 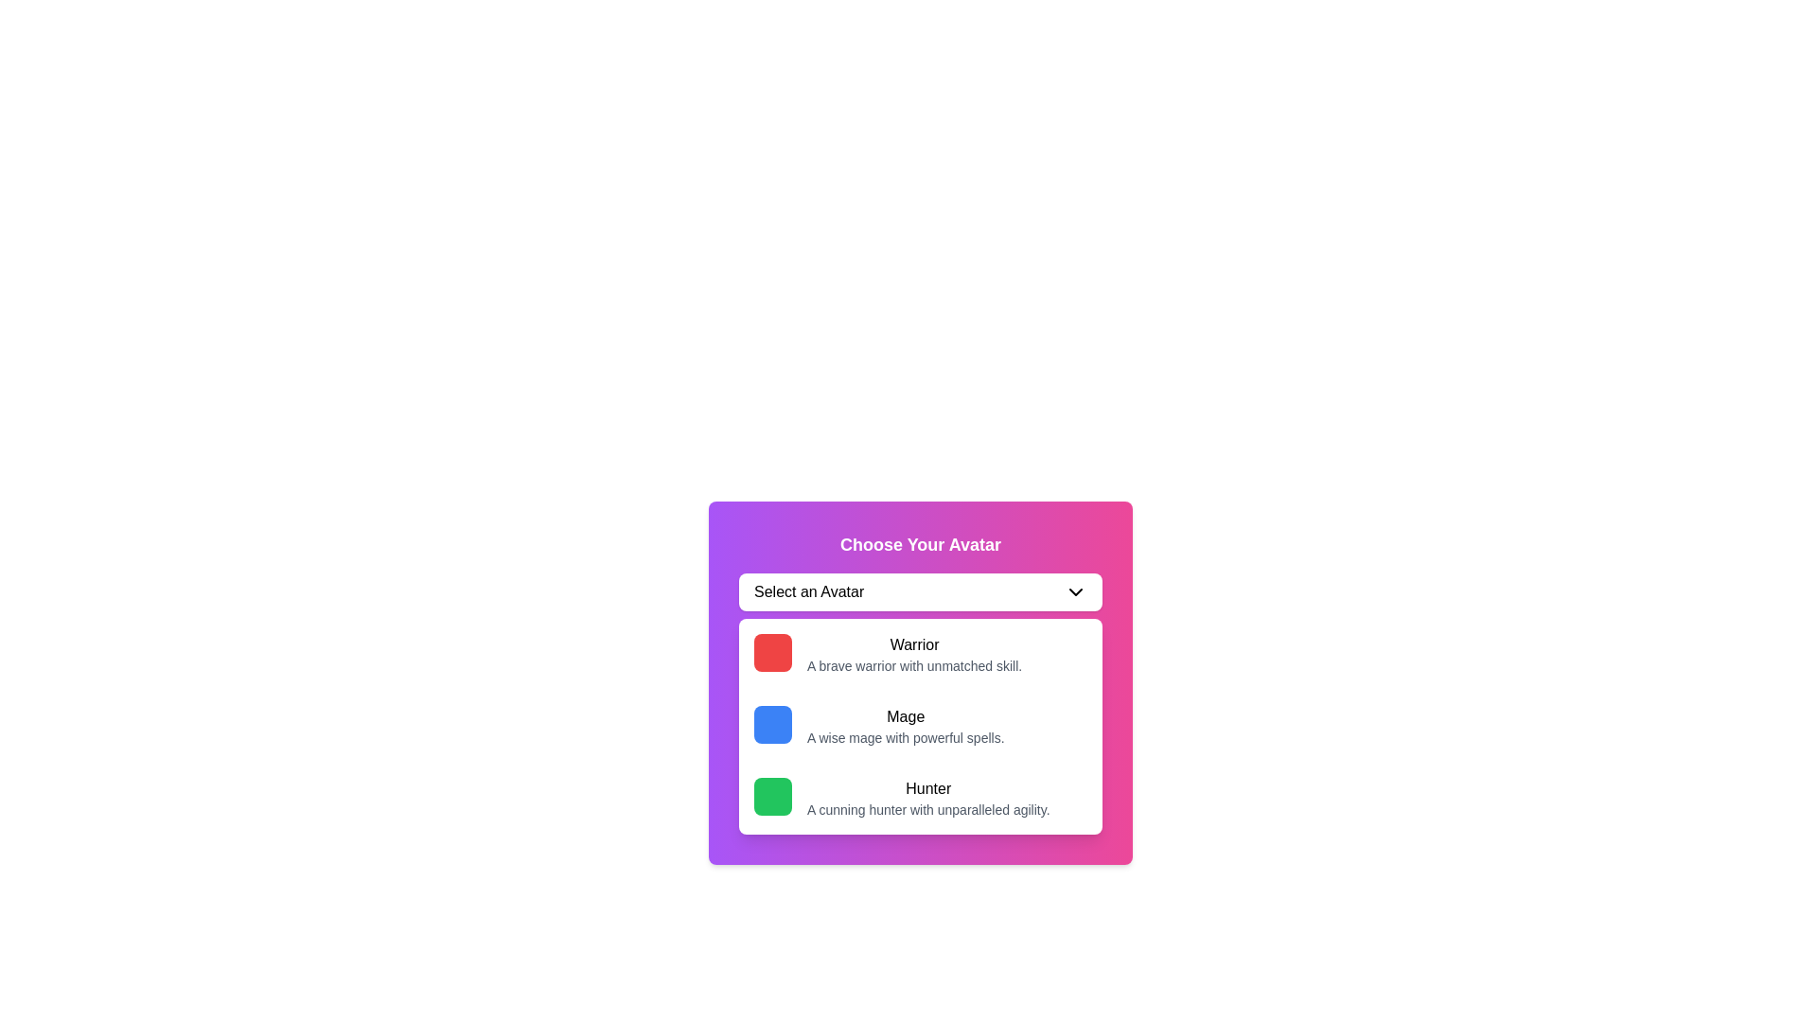 What do you see at coordinates (928, 809) in the screenshot?
I see `the descriptive text element that provides information for the 'Hunter' selection, which is positioned directly below the 'Hunter' title in the selection panel` at bounding box center [928, 809].